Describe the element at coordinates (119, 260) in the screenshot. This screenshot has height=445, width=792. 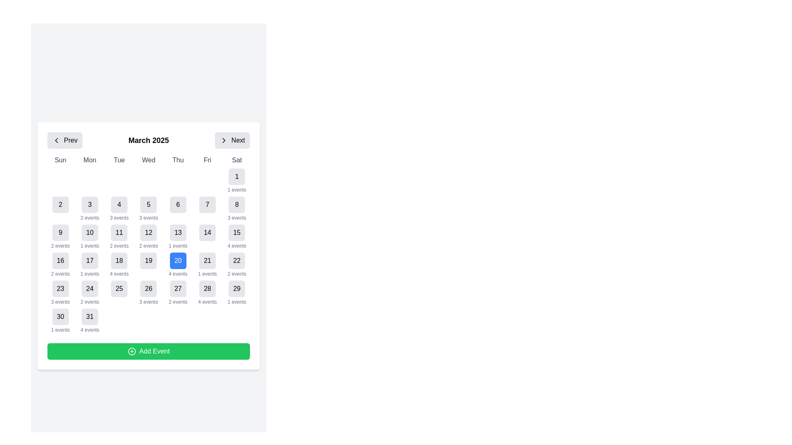
I see `the clickable button representing the date '18' in the calendar for March 2025` at that location.